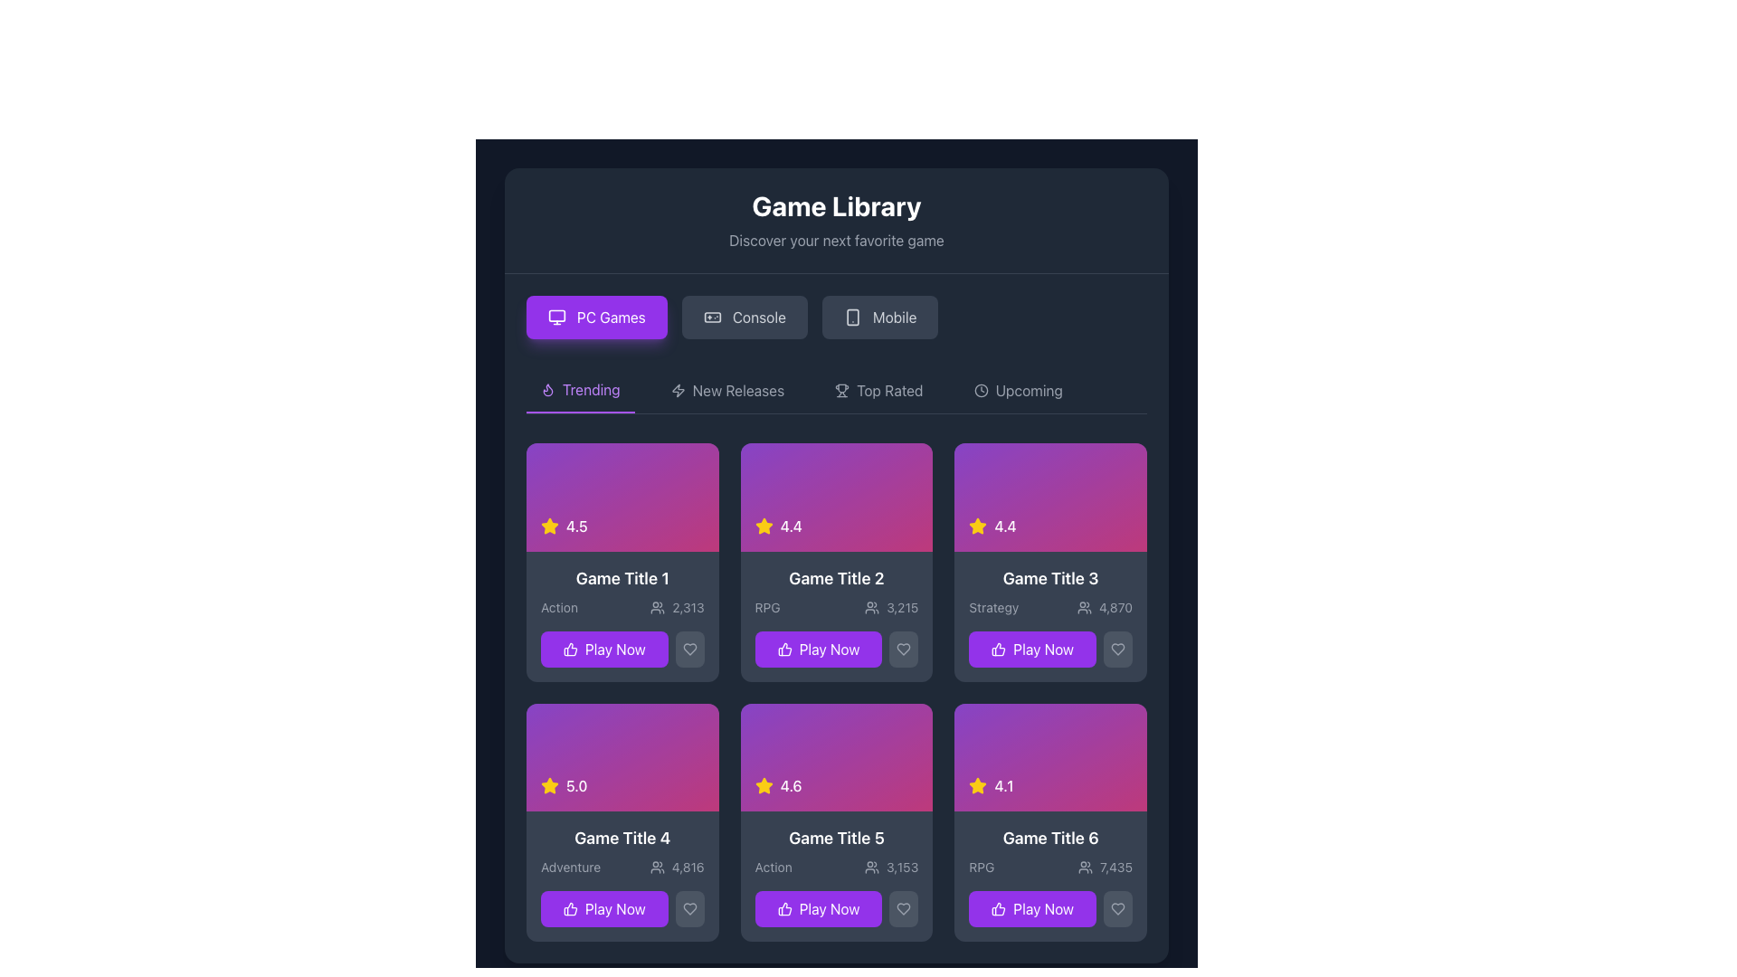 The height and width of the screenshot is (977, 1737). Describe the element at coordinates (676, 607) in the screenshot. I see `the icon and text label combination indicating the number of participants for 'Game Title 1' located at the lower part of the first card` at that location.